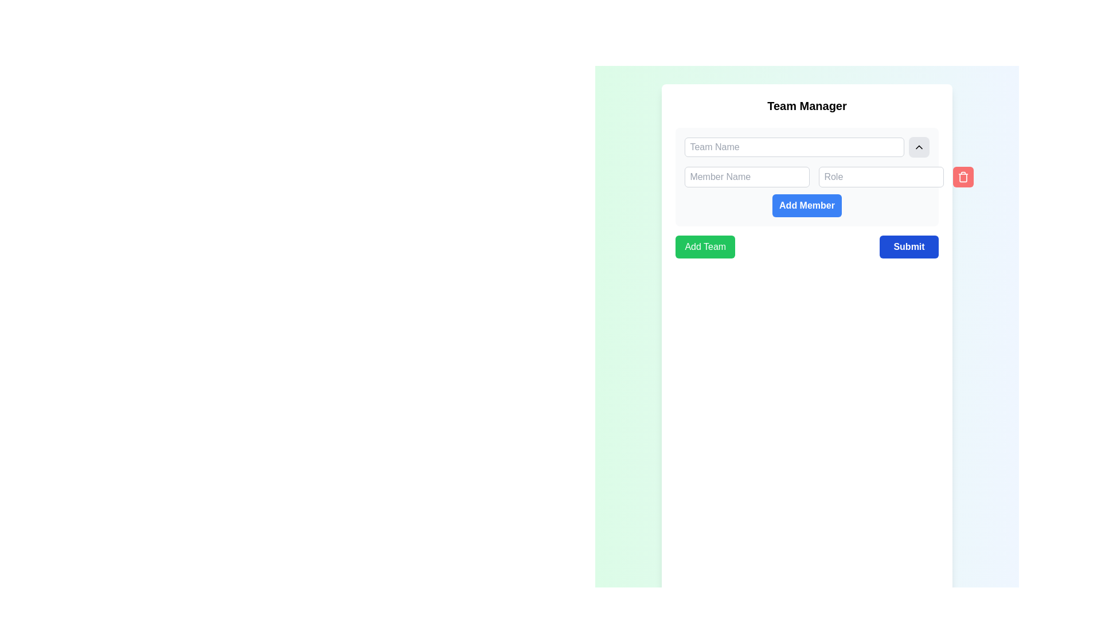 The height and width of the screenshot is (619, 1101). What do you see at coordinates (963, 177) in the screenshot?
I see `the delete button located to the far right of the 'Member Name' and 'Role' input fields under the 'Team Manager' section` at bounding box center [963, 177].